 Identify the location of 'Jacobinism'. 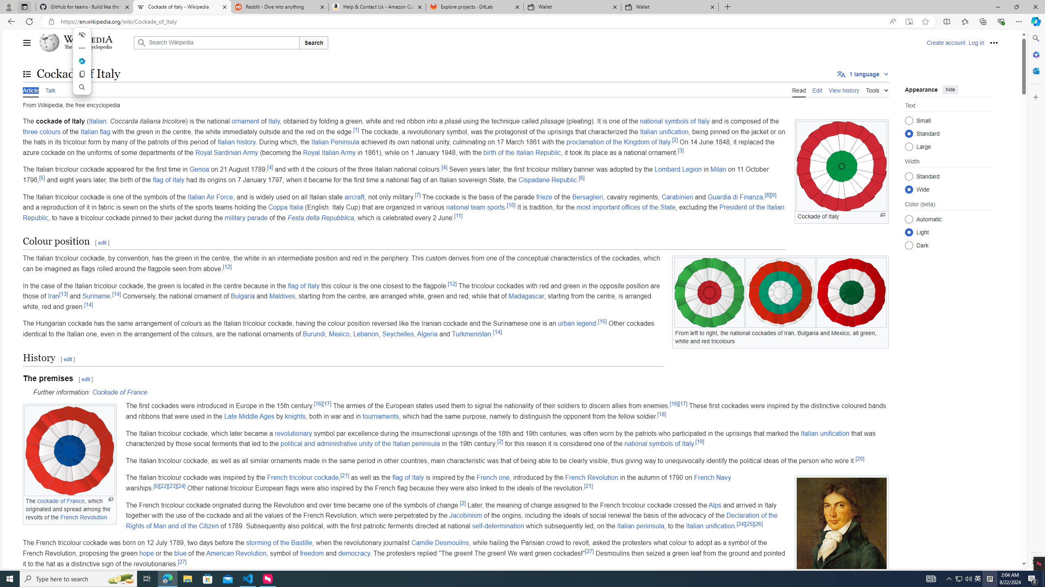
(465, 515).